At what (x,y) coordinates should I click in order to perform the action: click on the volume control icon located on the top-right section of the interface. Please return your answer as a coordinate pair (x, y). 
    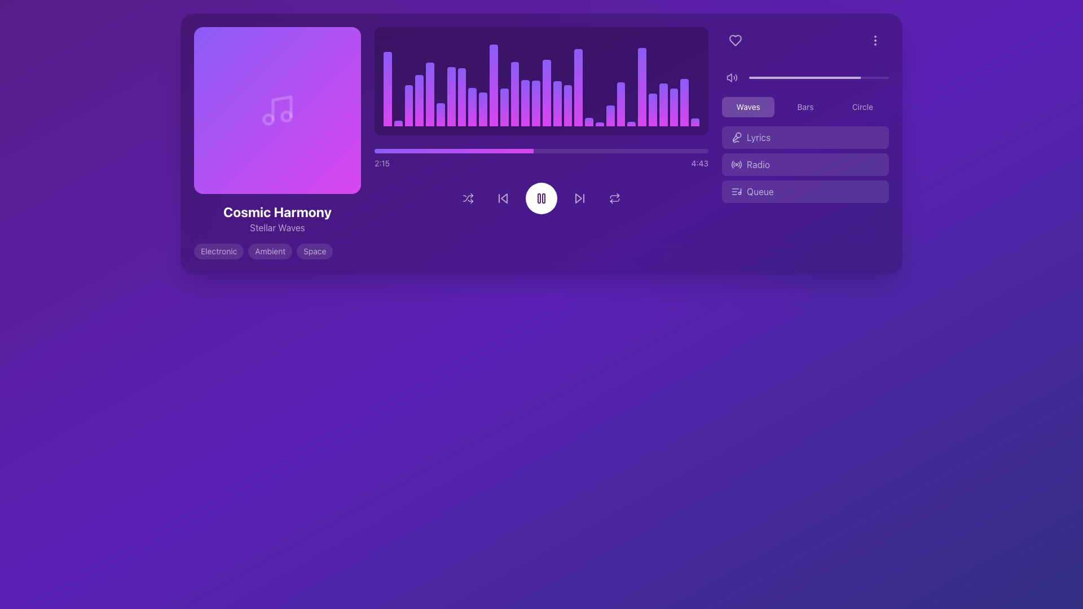
    Looking at the image, I should click on (732, 77).